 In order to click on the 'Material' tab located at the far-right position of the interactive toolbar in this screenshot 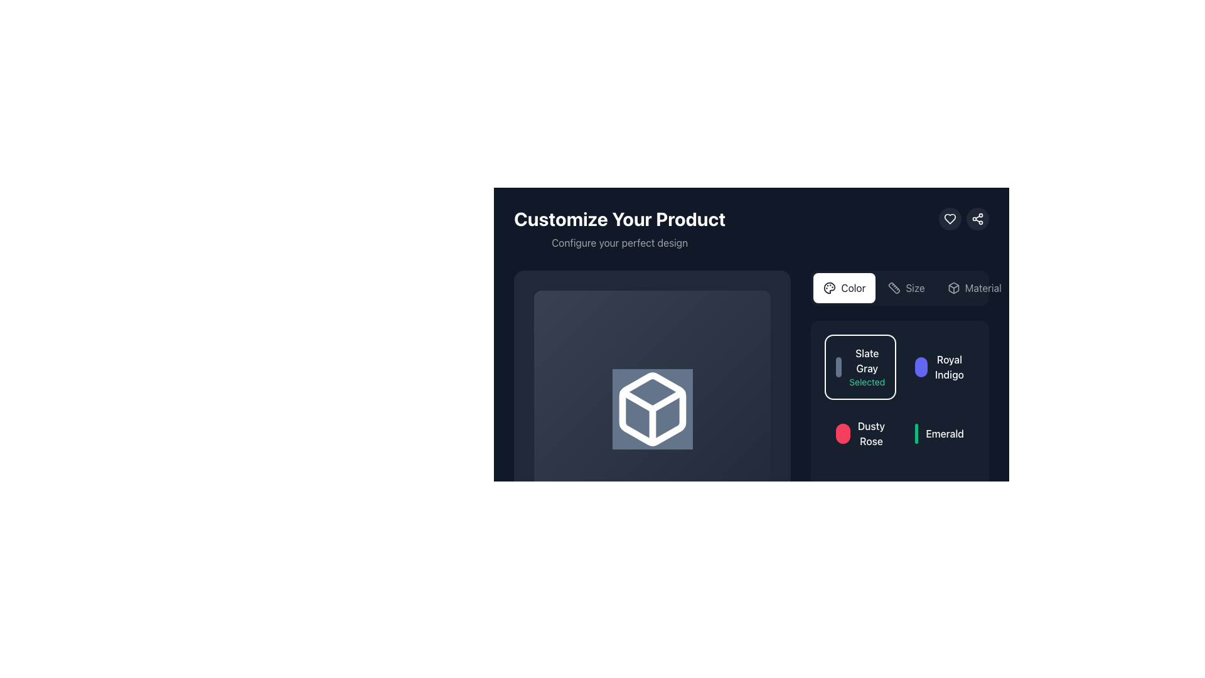, I will do `click(982, 288)`.